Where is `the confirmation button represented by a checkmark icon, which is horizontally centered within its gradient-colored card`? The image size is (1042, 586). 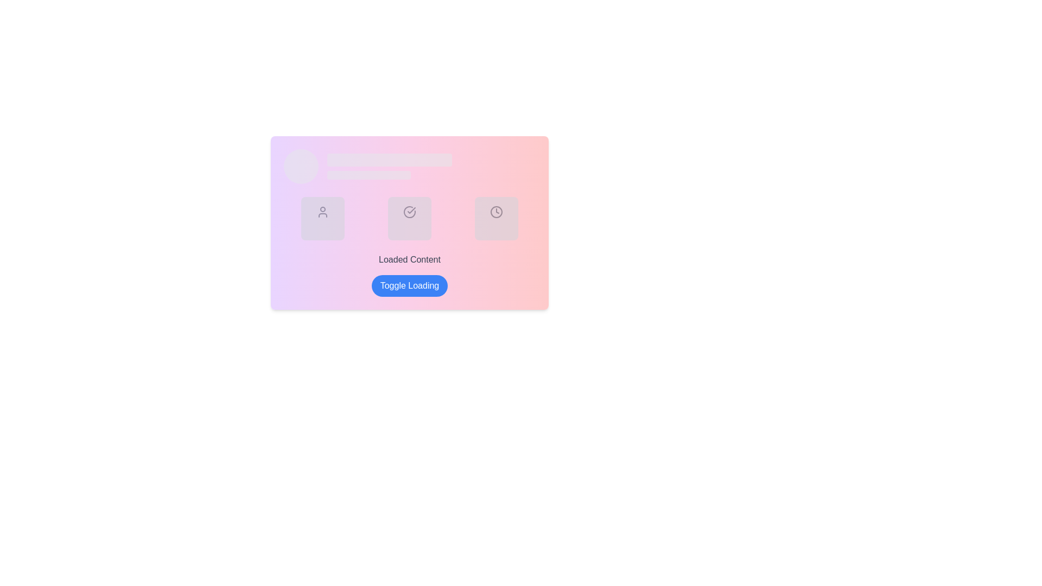
the confirmation button represented by a checkmark icon, which is horizontally centered within its gradient-colored card is located at coordinates (409, 222).